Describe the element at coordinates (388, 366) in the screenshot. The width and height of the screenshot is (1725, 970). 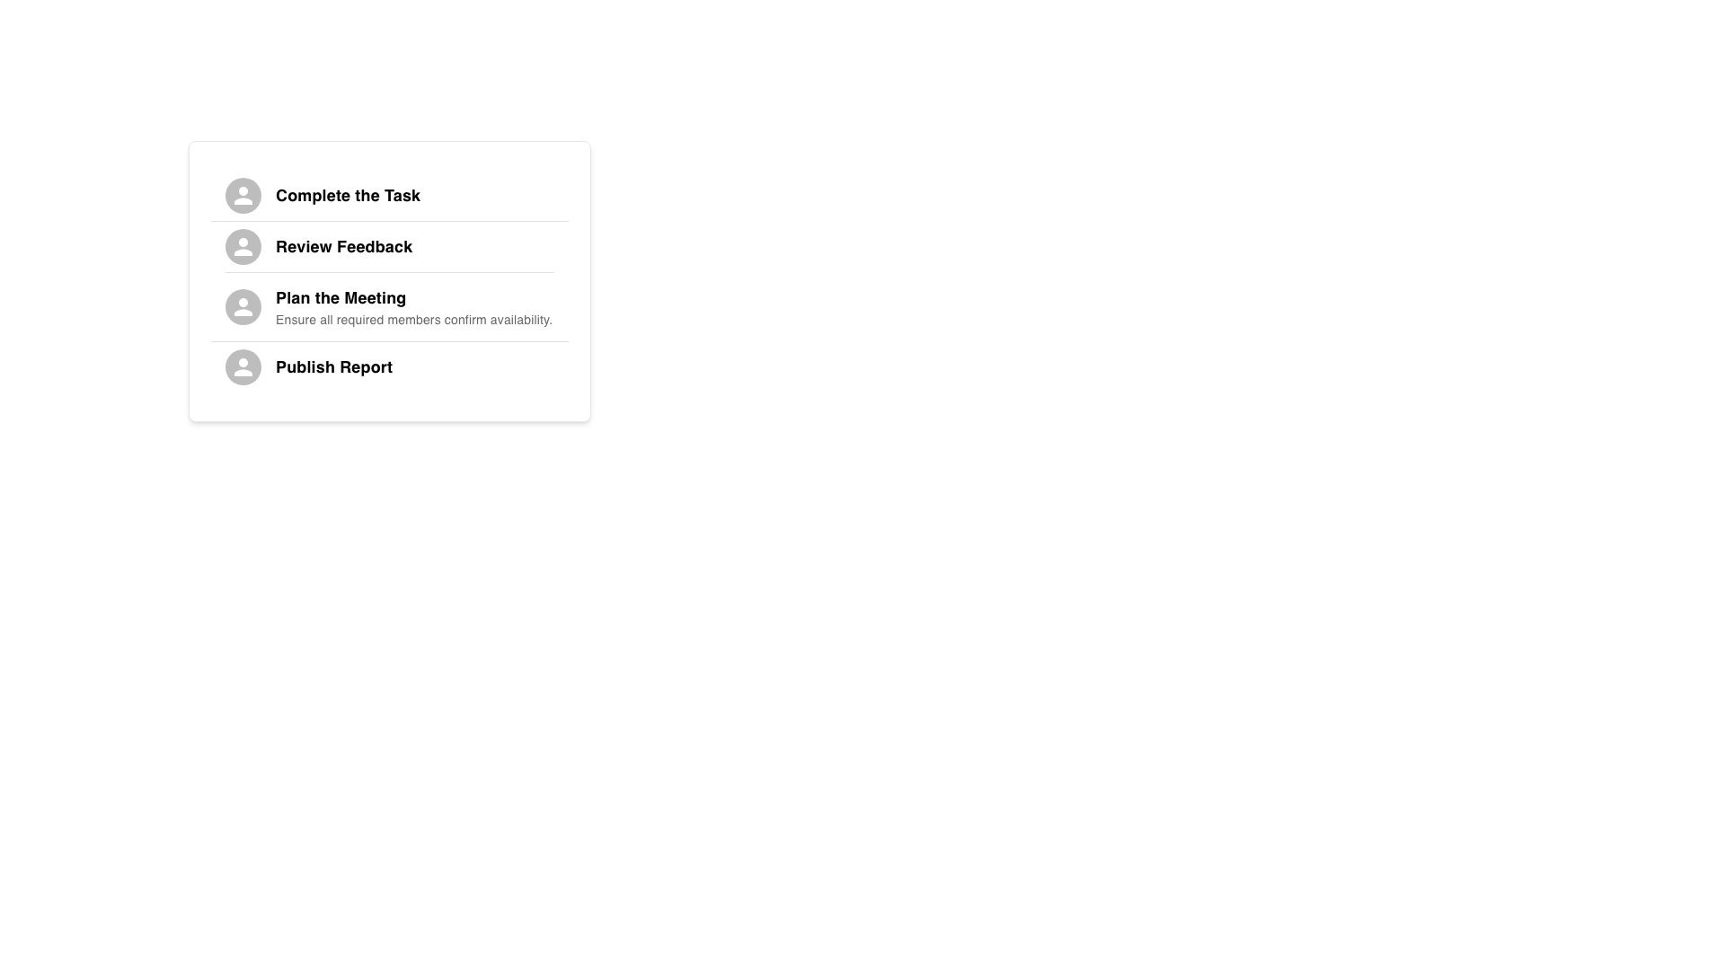
I see `the fourth list item labeled 'Publish Report'` at that location.